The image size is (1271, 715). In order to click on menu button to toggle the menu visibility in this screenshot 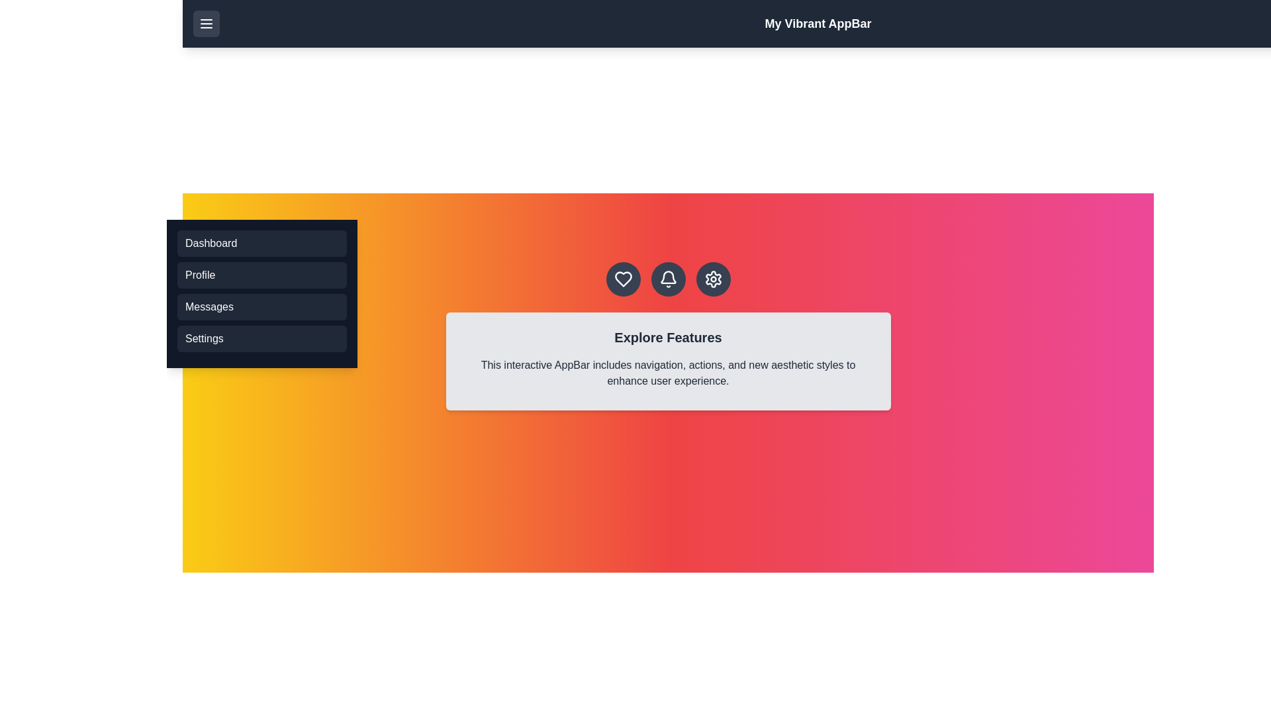, I will do `click(206, 23)`.